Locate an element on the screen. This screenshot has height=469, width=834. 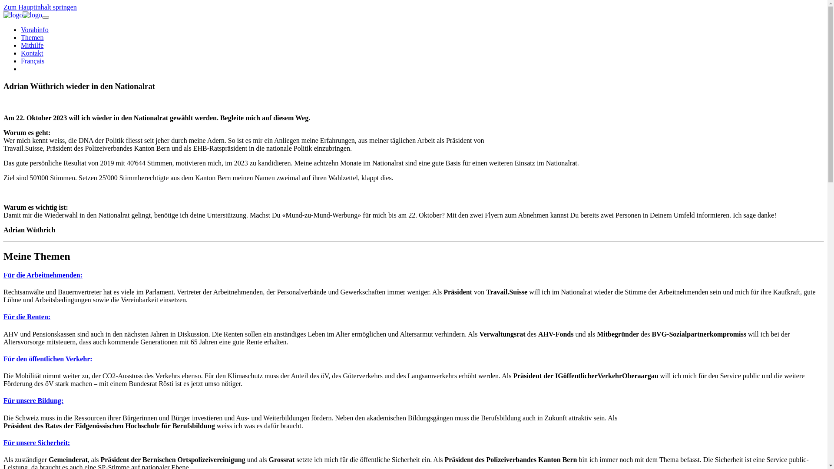
'Zum Hauptinhalt springen' is located at coordinates (40, 7).